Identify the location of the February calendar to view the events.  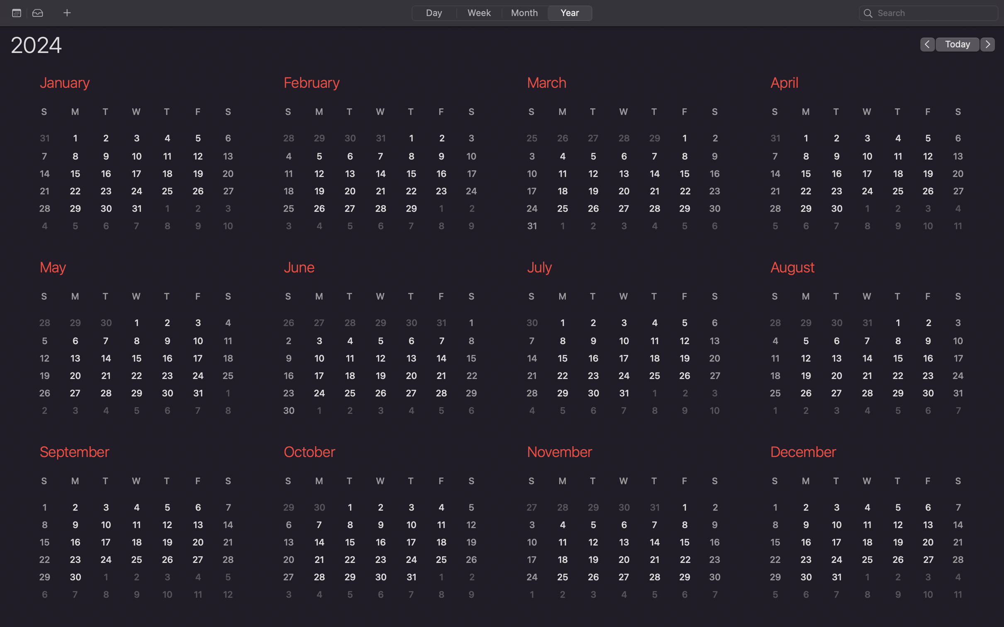
(378, 156).